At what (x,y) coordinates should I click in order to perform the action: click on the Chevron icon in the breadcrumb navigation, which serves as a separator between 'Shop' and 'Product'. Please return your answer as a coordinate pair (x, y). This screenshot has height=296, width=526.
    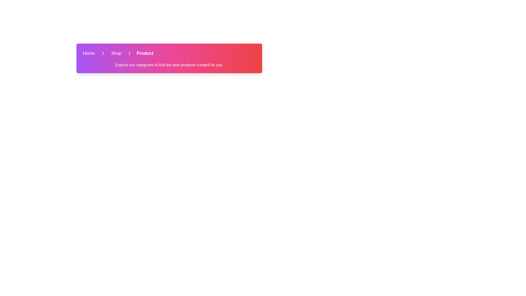
    Looking at the image, I should click on (129, 53).